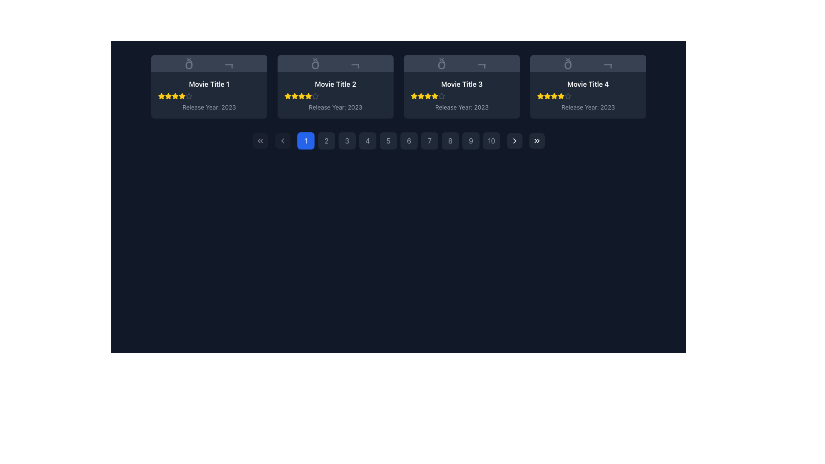 This screenshot has width=825, height=464. Describe the element at coordinates (547, 96) in the screenshot. I see `the second star in the row of five stars on the rating bar of the fourth movie card titled 'Movie Title 4'` at that location.